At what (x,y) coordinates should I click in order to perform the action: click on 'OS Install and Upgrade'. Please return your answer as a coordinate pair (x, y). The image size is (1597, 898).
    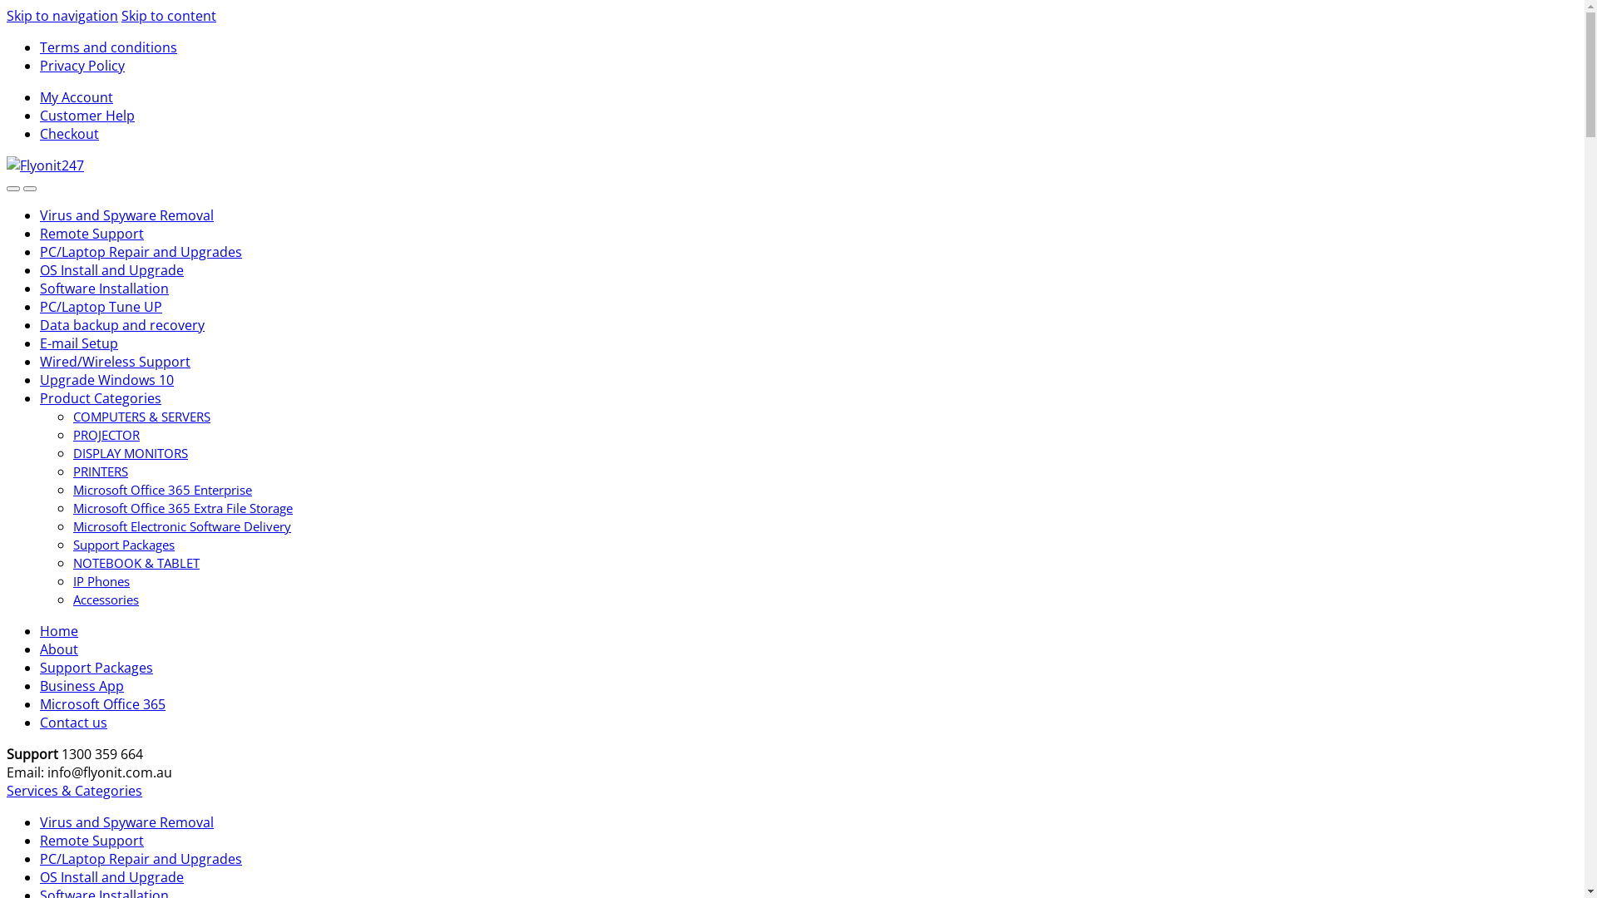
    Looking at the image, I should click on (111, 876).